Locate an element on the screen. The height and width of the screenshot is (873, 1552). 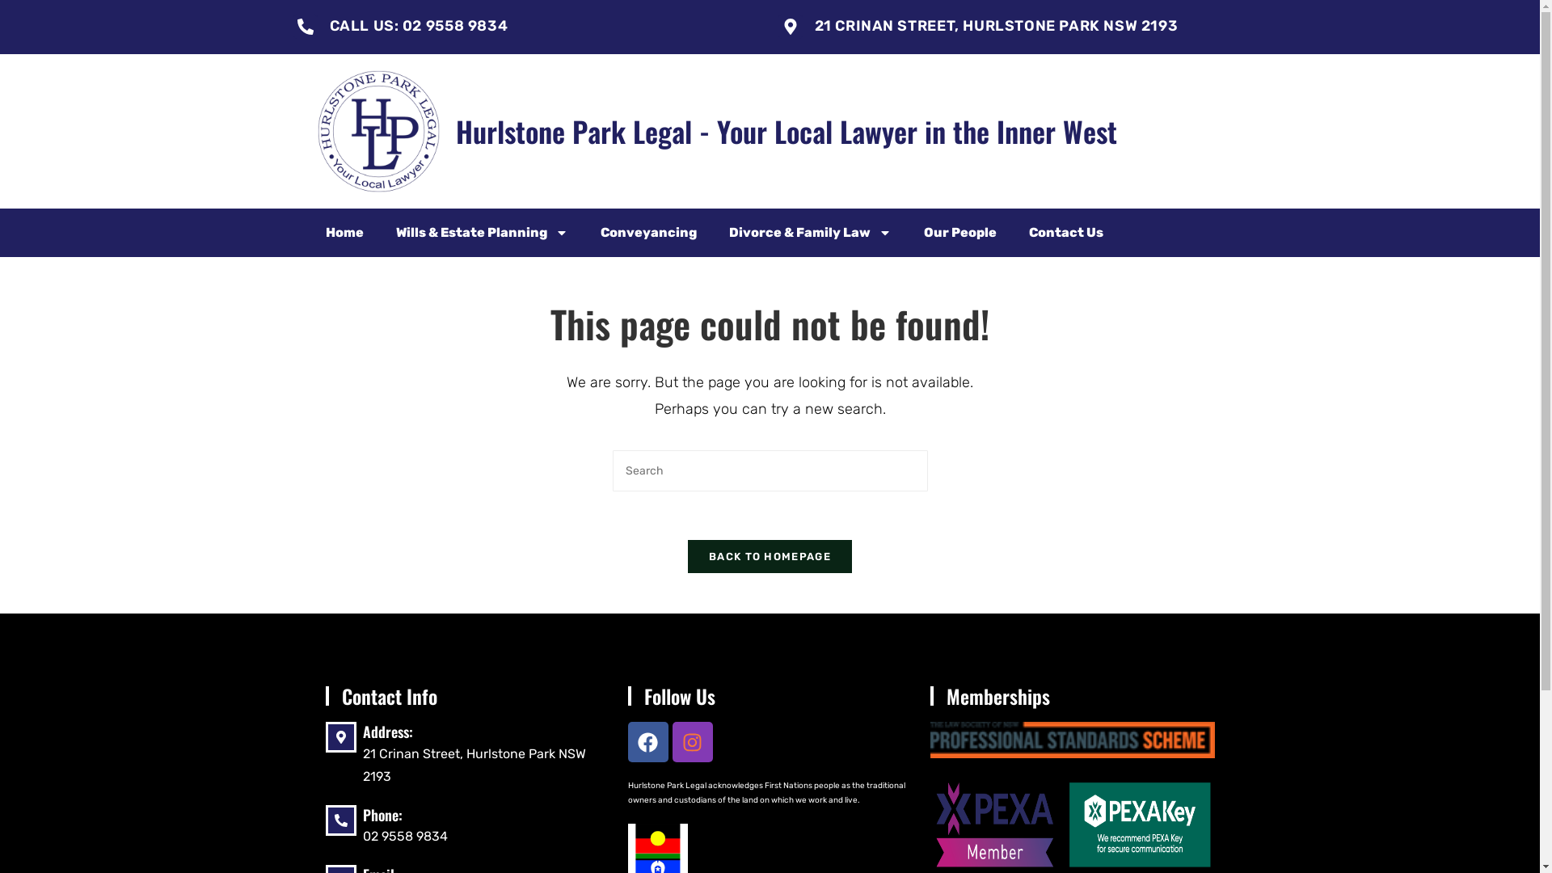
'CALL US: 02 9558 9834' is located at coordinates (329, 25).